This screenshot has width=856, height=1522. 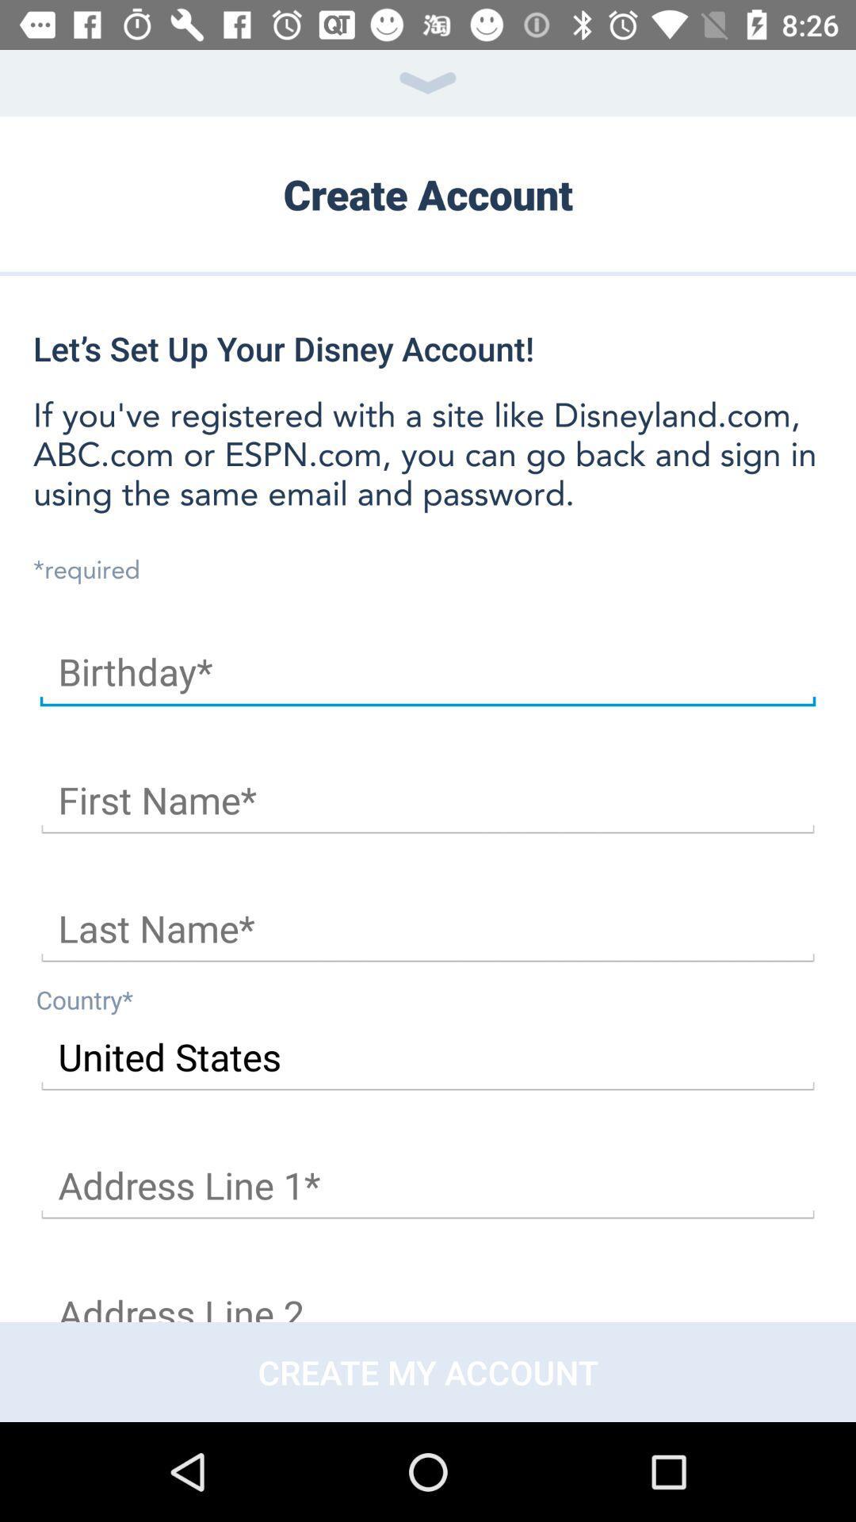 I want to click on your birthday here, so click(x=428, y=672).